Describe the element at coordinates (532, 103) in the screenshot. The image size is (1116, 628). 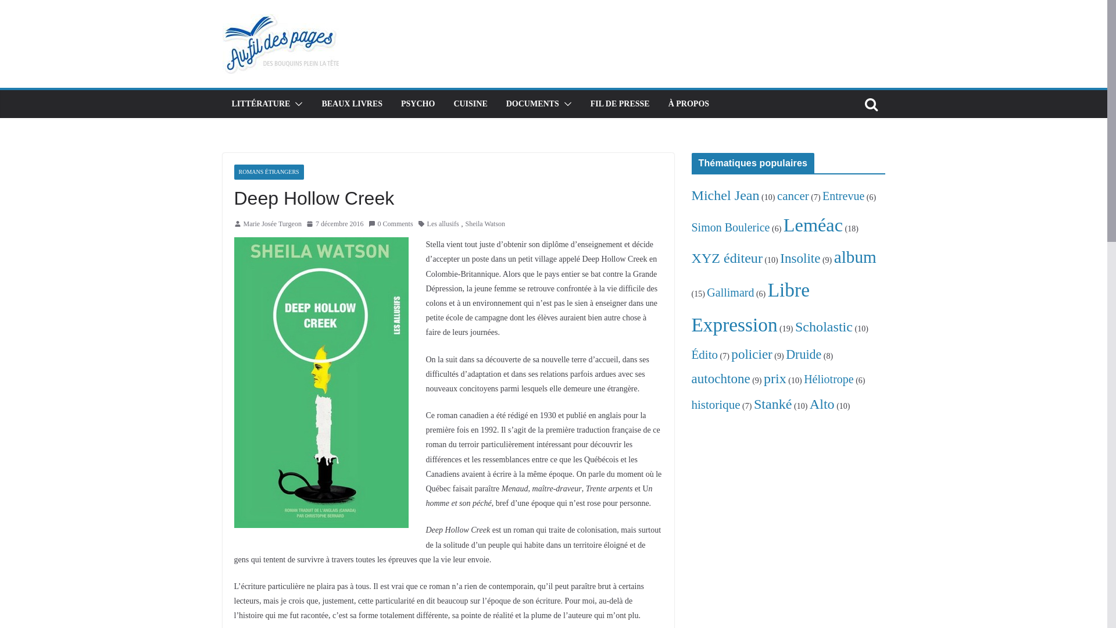
I see `'DOCUMENTS'` at that location.